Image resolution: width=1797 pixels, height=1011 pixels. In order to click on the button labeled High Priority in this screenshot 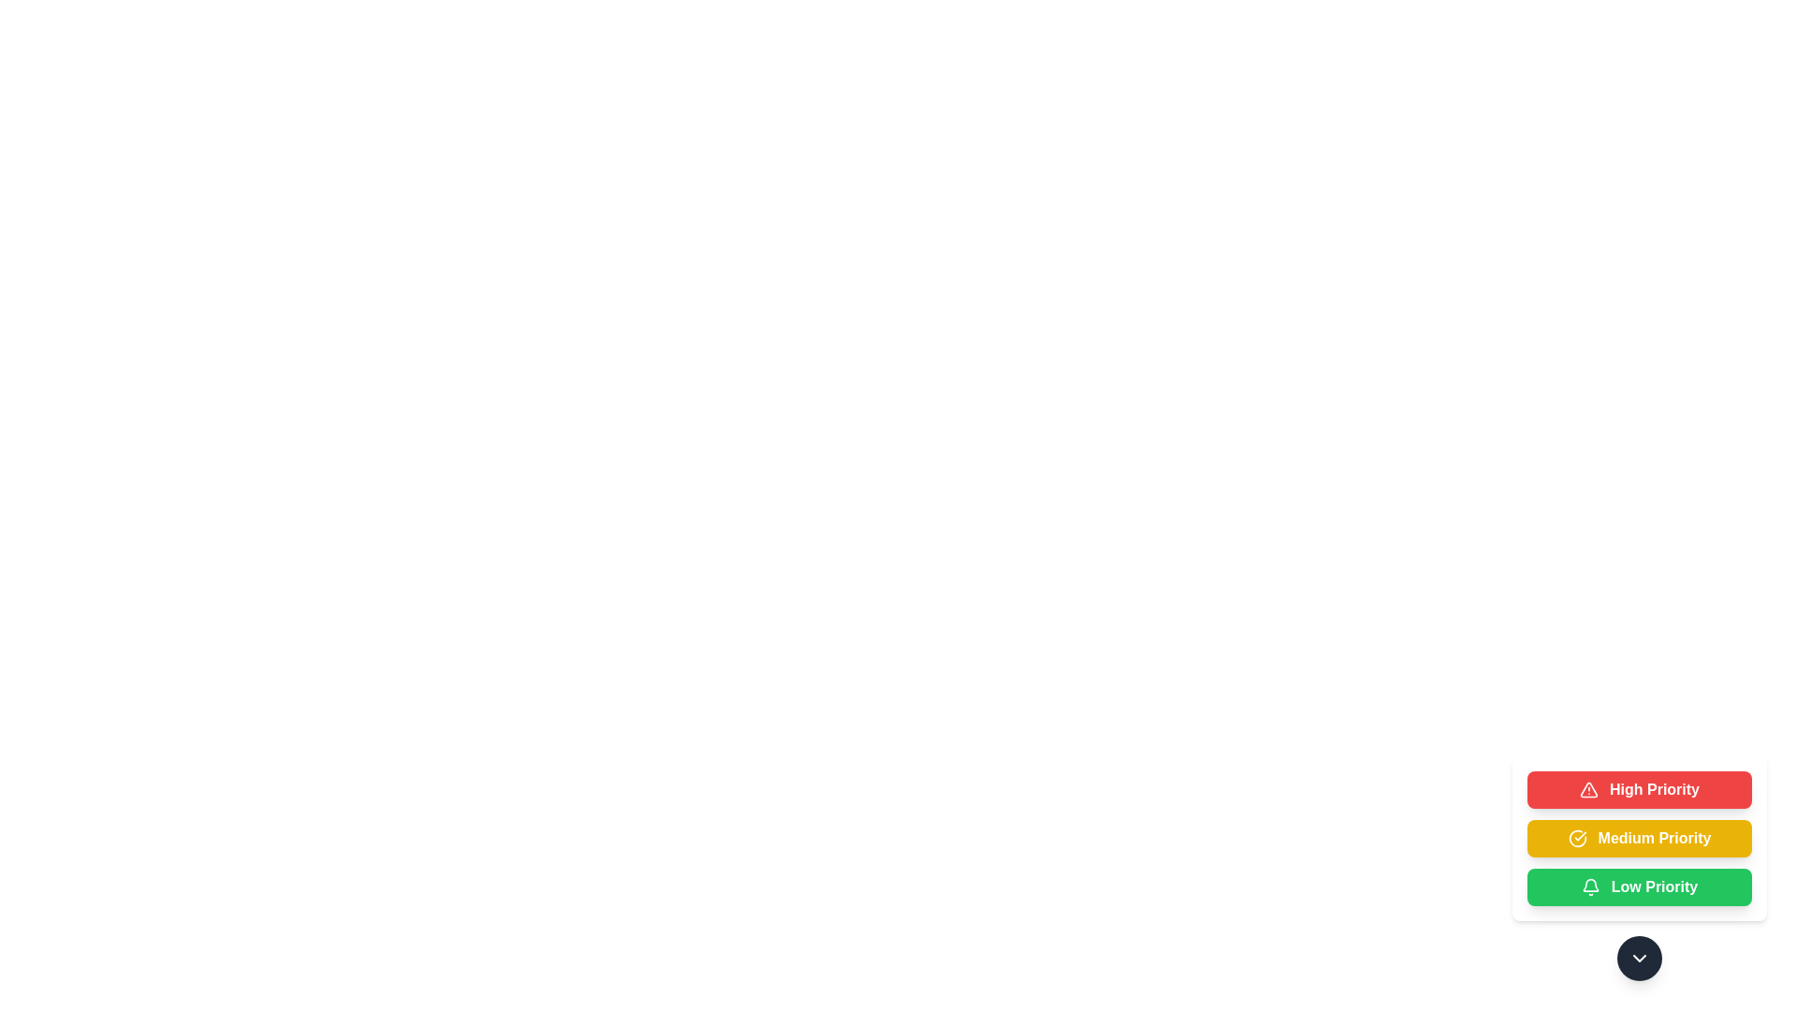, I will do `click(1639, 790)`.